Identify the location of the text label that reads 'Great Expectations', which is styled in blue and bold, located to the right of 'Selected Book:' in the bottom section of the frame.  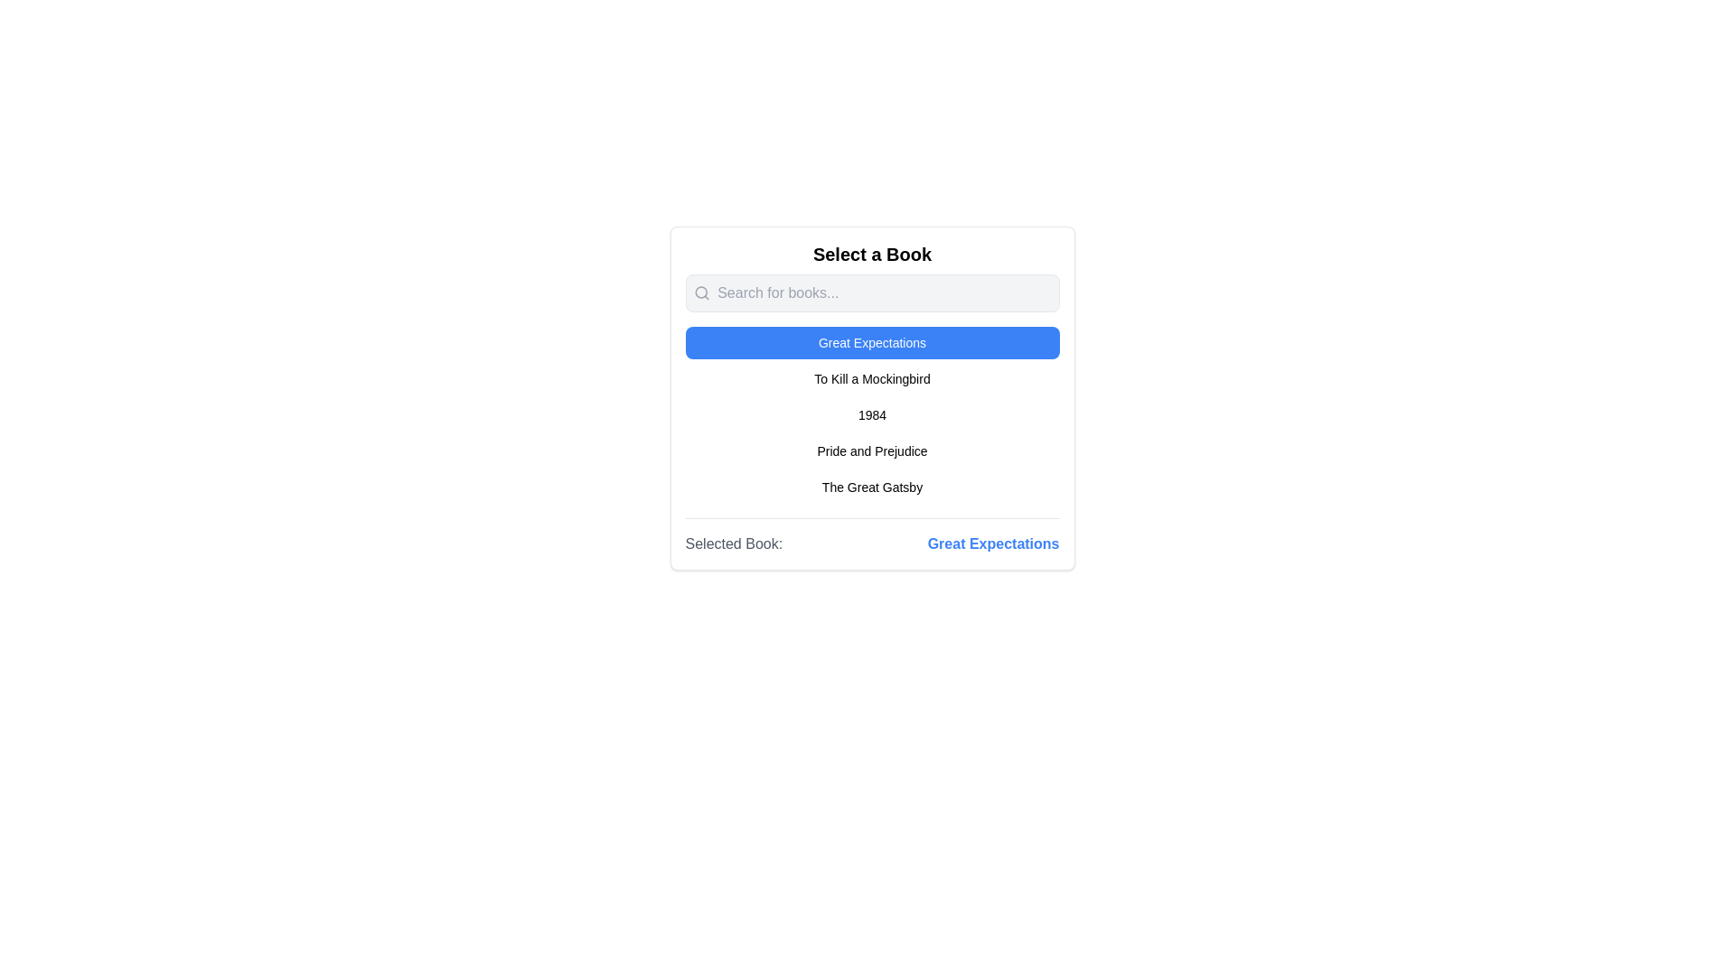
(992, 543).